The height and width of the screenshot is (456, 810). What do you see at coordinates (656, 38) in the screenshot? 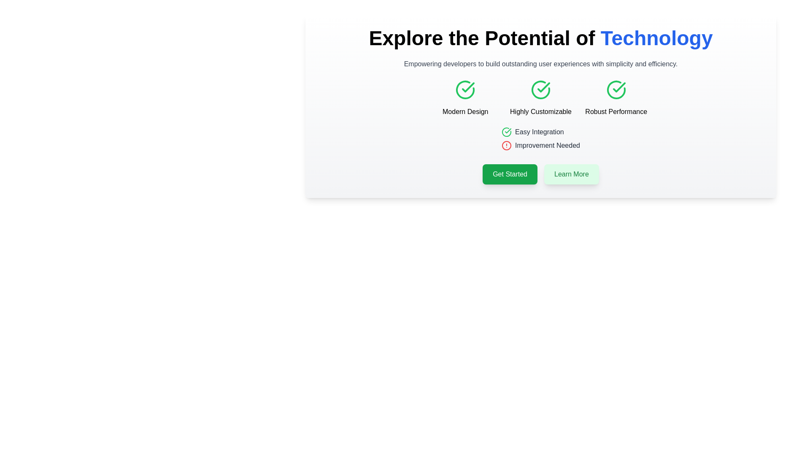
I see `the bold blue text element reading 'Technology'` at bounding box center [656, 38].